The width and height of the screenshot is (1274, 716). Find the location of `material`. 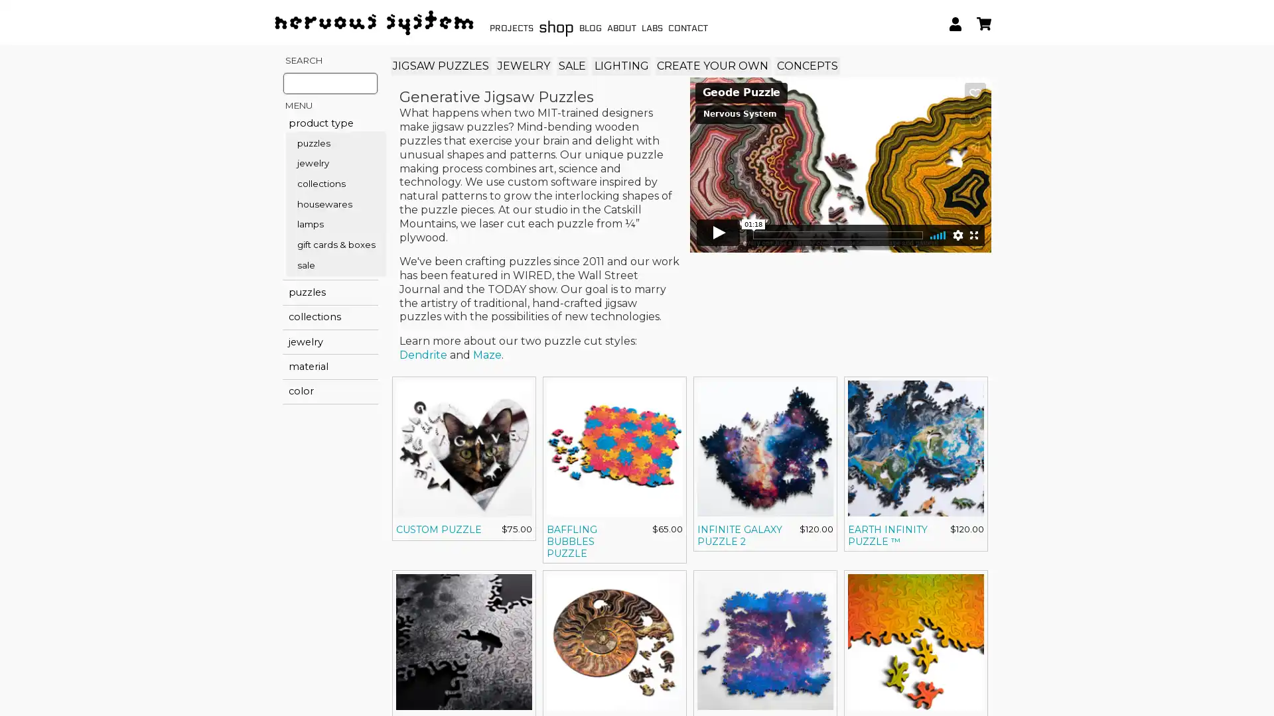

material is located at coordinates (330, 367).